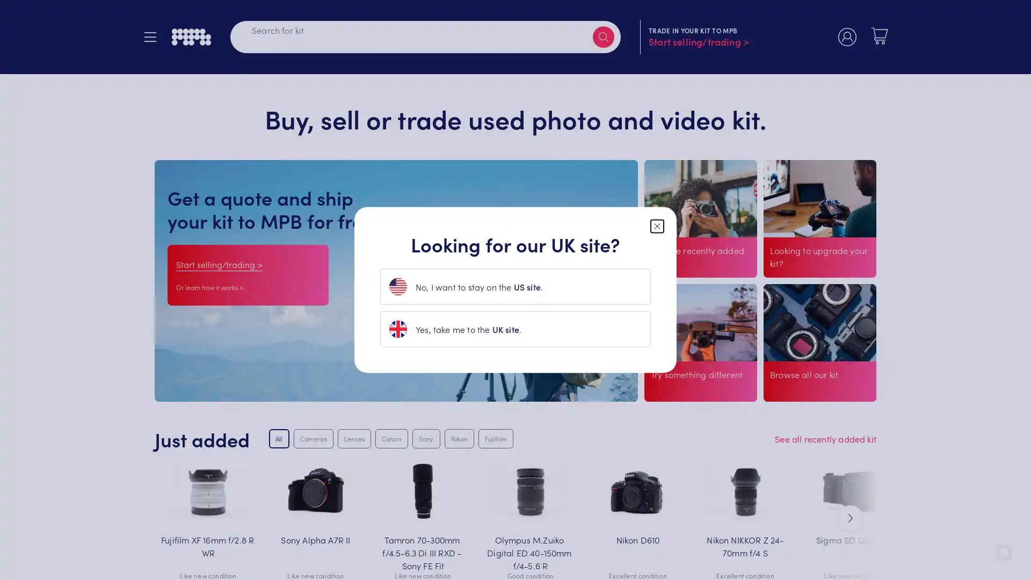 This screenshot has height=580, width=1031. What do you see at coordinates (681, 390) in the screenshot?
I see `View kit guides` at bounding box center [681, 390].